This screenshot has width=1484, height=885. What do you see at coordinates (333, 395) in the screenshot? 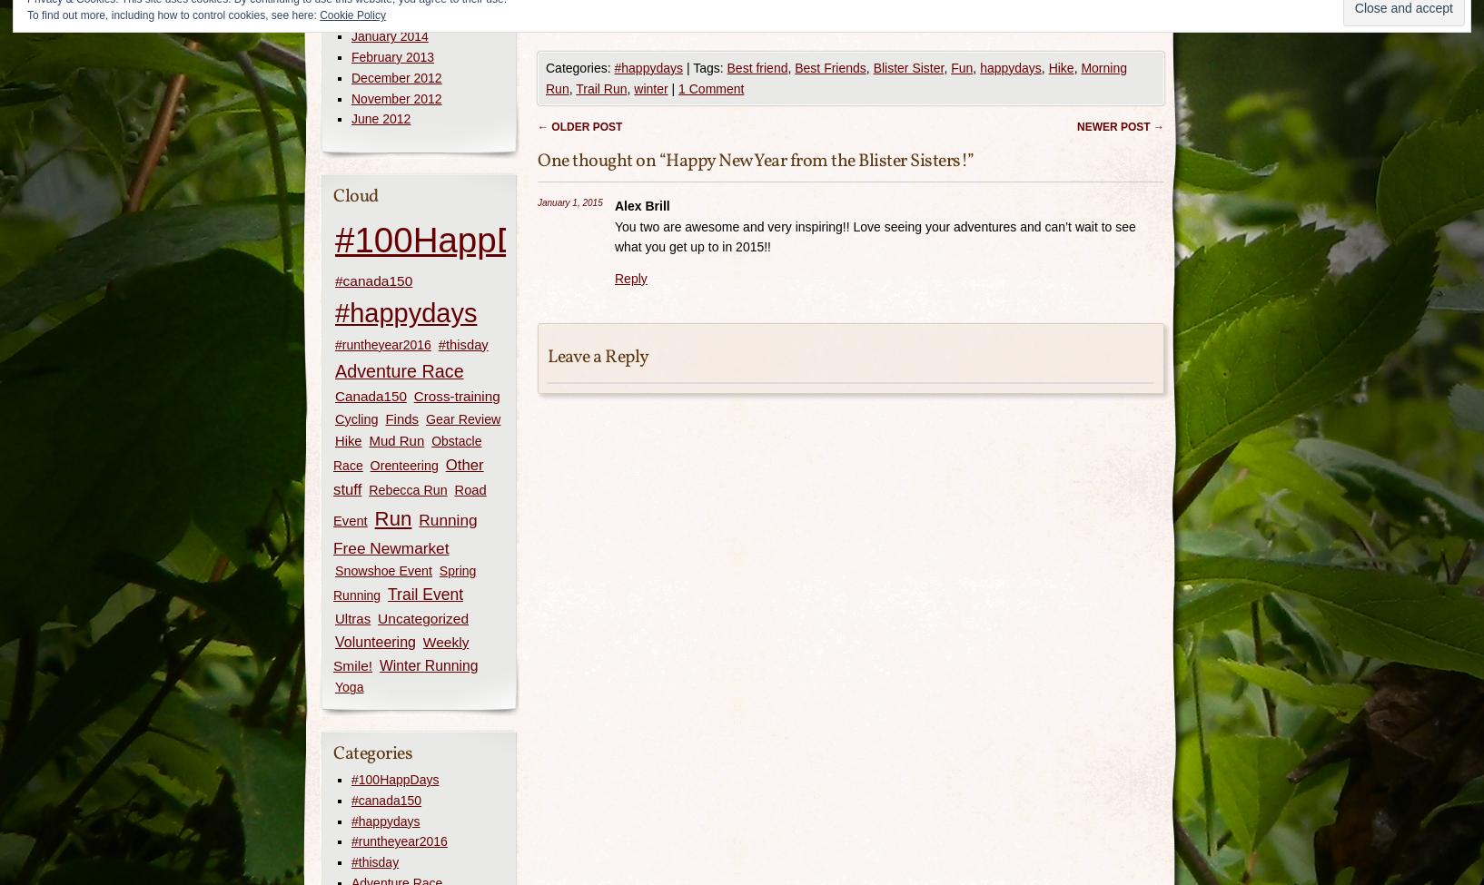
I see `'Canada150'` at bounding box center [333, 395].